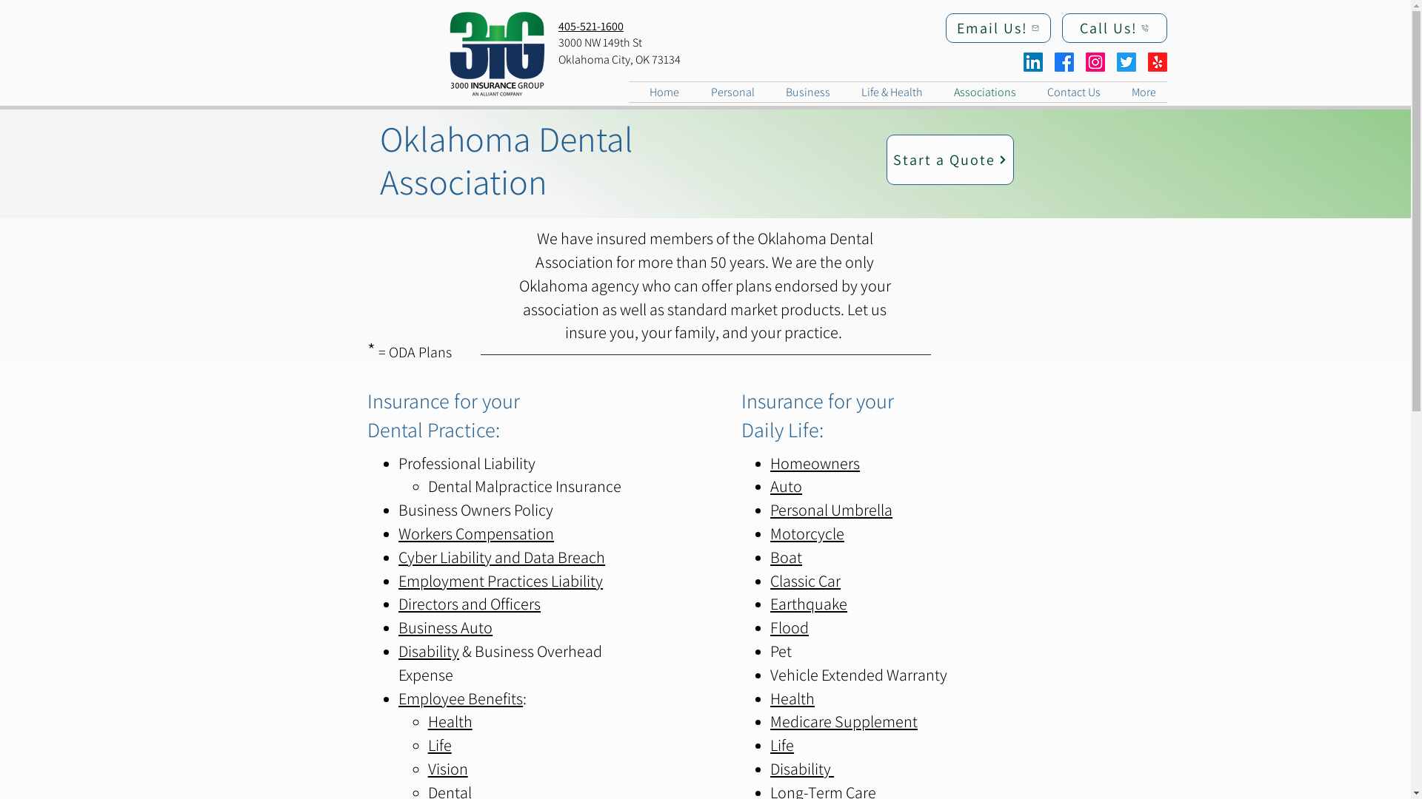 This screenshot has width=1422, height=799. What do you see at coordinates (728, 92) in the screenshot?
I see `'Personal'` at bounding box center [728, 92].